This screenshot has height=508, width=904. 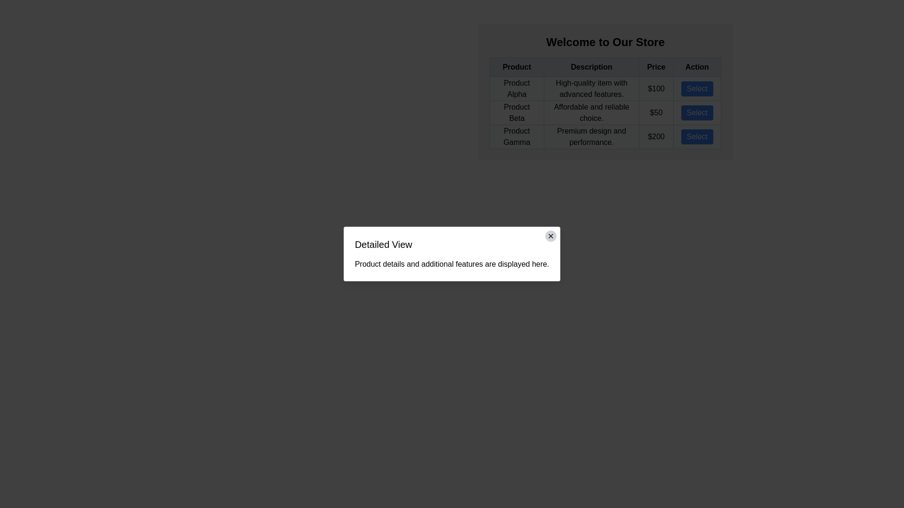 I want to click on the static text that states 'Premium design and performance.' located in the second column under Description in the third row of the table, so click(x=591, y=136).